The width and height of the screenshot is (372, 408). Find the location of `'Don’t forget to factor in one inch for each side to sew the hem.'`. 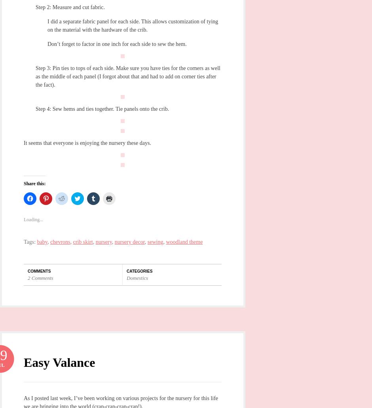

'Don’t forget to factor in one inch for each side to sew the hem.' is located at coordinates (116, 44).